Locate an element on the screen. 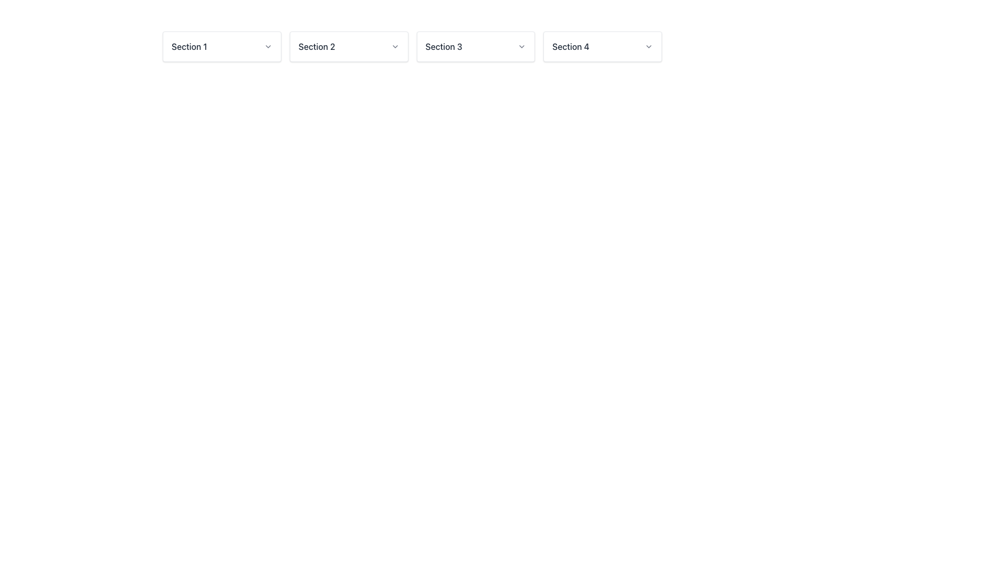 The height and width of the screenshot is (567, 1008). the Dropdown Menu Trigger located in the second column of the grid layout, which is positioned between 'Section 1' and 'Section 3' and labeled 'Section 2' is located at coordinates (349, 46).